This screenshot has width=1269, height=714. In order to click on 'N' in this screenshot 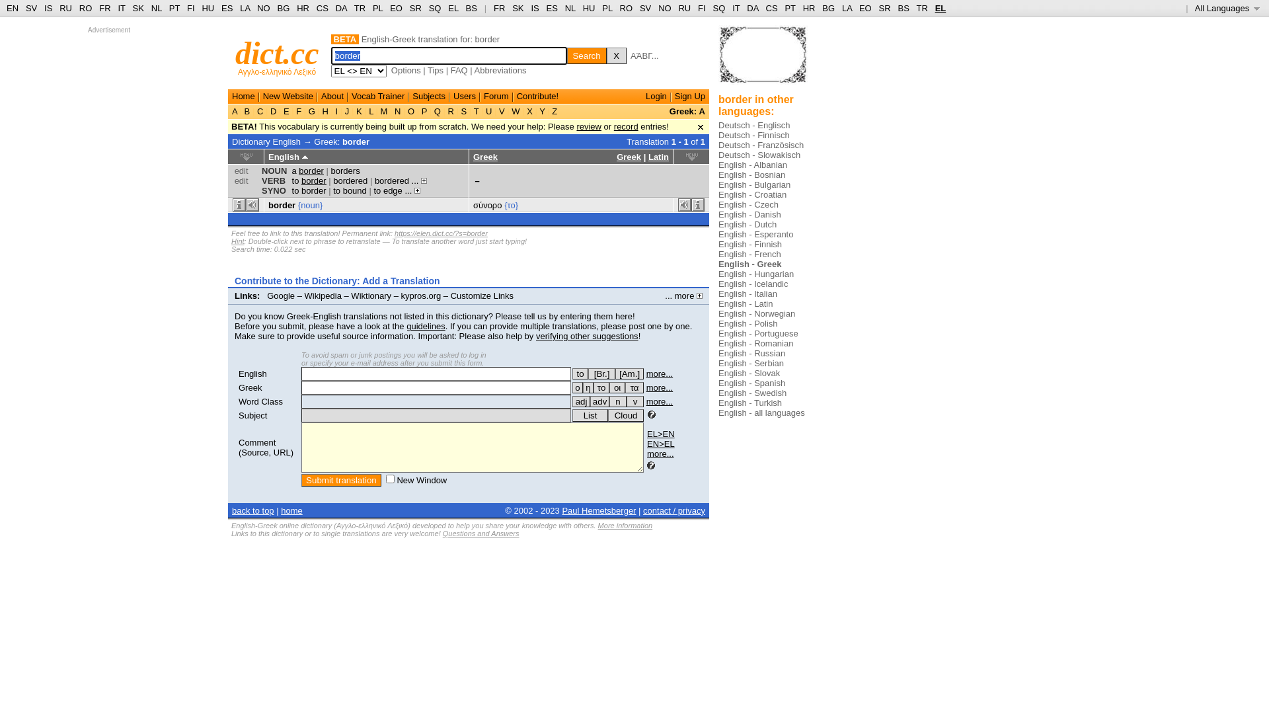, I will do `click(397, 110)`.